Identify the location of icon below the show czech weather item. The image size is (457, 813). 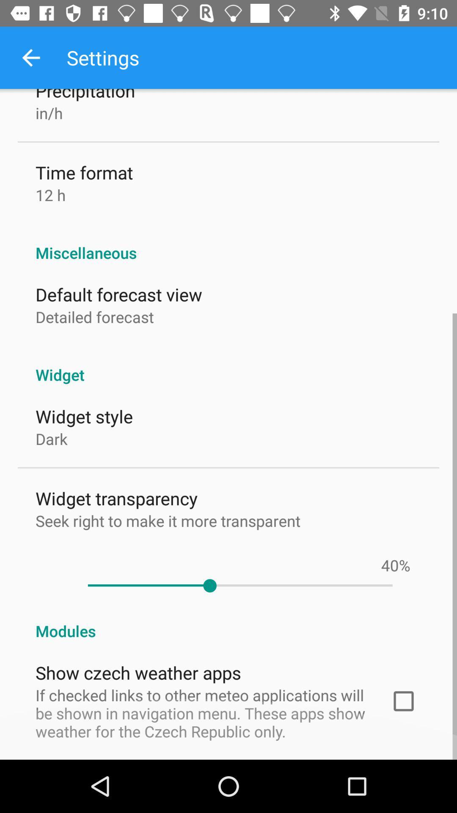
(202, 713).